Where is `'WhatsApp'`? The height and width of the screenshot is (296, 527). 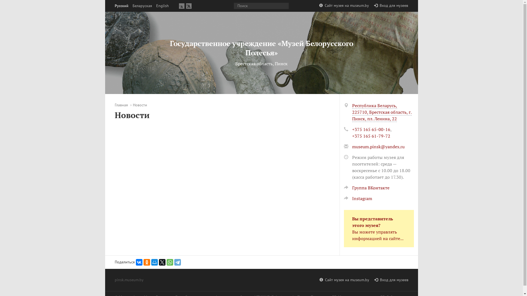 'WhatsApp' is located at coordinates (166, 262).